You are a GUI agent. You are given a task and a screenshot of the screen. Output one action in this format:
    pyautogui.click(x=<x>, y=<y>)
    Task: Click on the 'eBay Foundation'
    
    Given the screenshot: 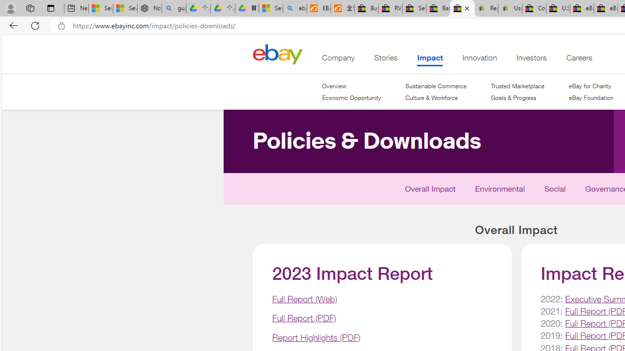 What is the action you would take?
    pyautogui.click(x=590, y=97)
    